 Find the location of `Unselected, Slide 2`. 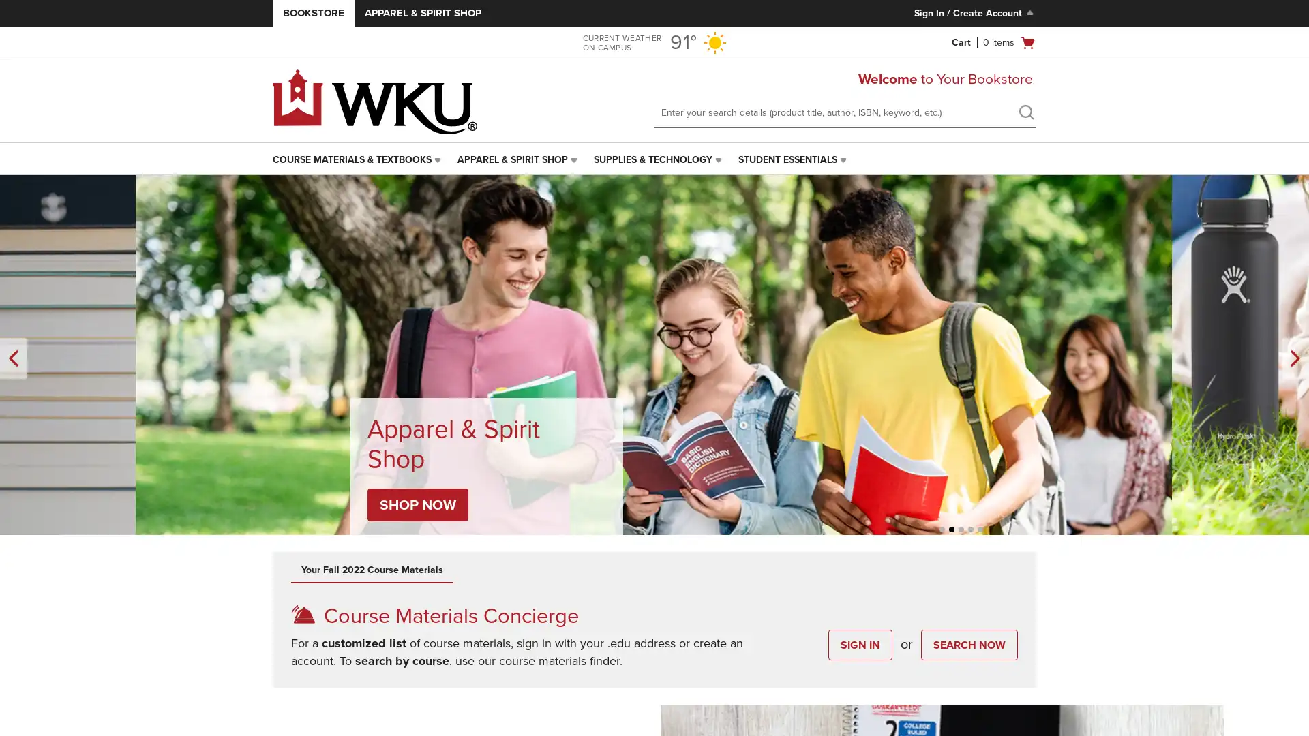

Unselected, Slide 2 is located at coordinates (951, 528).